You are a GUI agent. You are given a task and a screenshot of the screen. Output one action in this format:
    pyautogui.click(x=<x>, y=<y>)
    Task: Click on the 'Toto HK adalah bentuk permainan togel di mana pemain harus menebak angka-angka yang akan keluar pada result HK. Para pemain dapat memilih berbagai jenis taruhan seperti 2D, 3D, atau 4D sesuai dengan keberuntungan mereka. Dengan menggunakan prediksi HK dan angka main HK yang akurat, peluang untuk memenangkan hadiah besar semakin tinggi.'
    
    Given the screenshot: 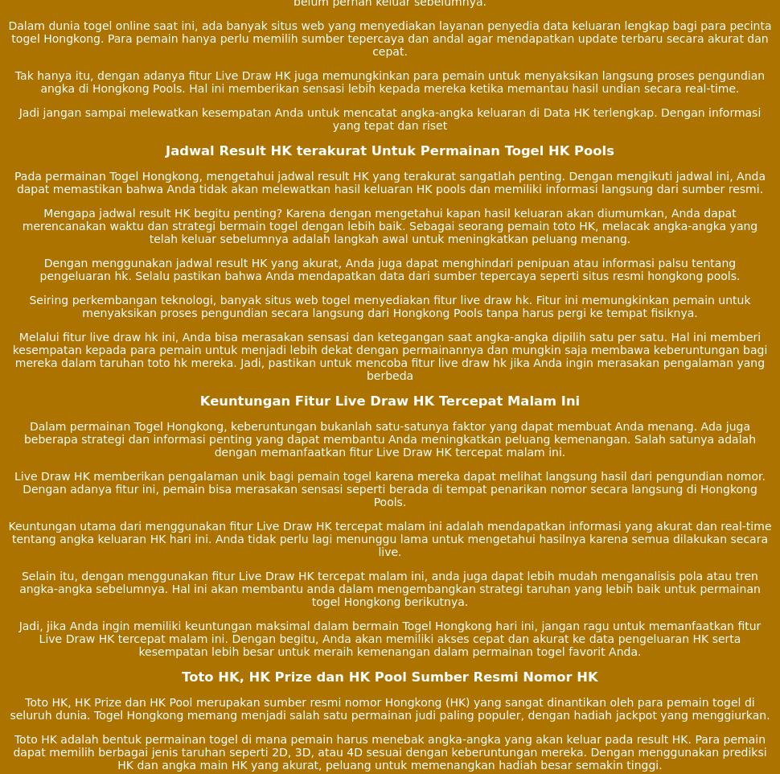 What is the action you would take?
    pyautogui.click(x=388, y=751)
    